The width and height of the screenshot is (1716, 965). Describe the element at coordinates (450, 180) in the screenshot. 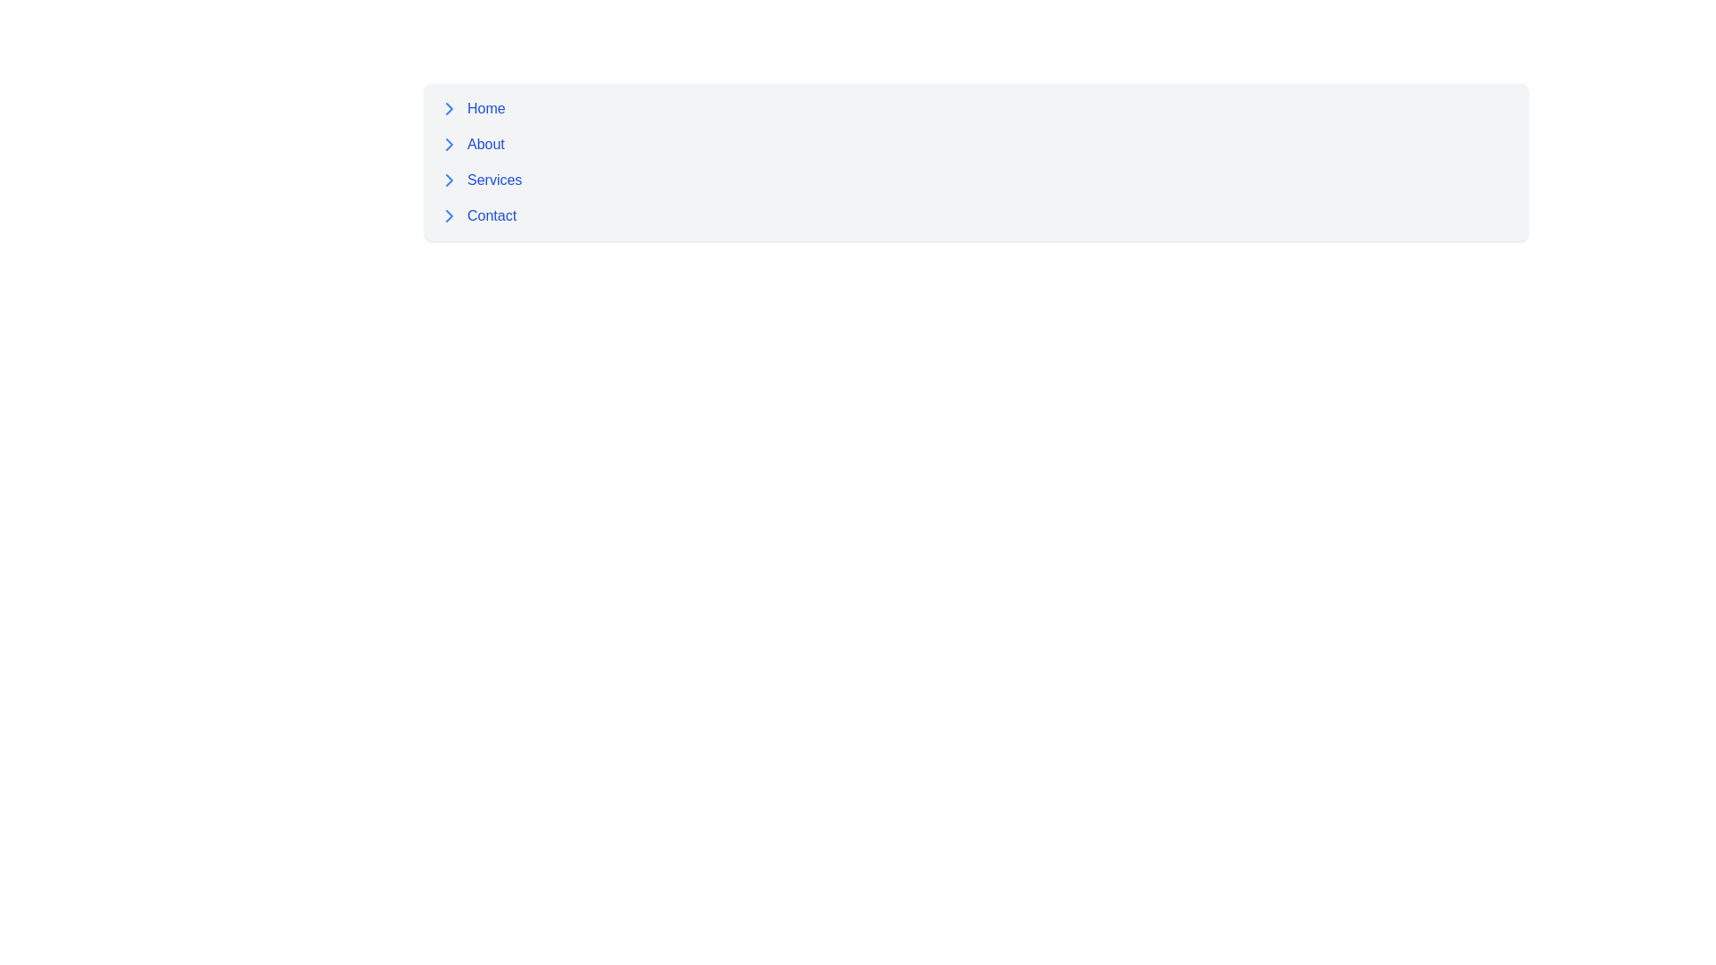

I see `the downward-pointing blue chevron icon located next to the 'Services' label, which is the third in order among similar icons in the navigation list` at that location.